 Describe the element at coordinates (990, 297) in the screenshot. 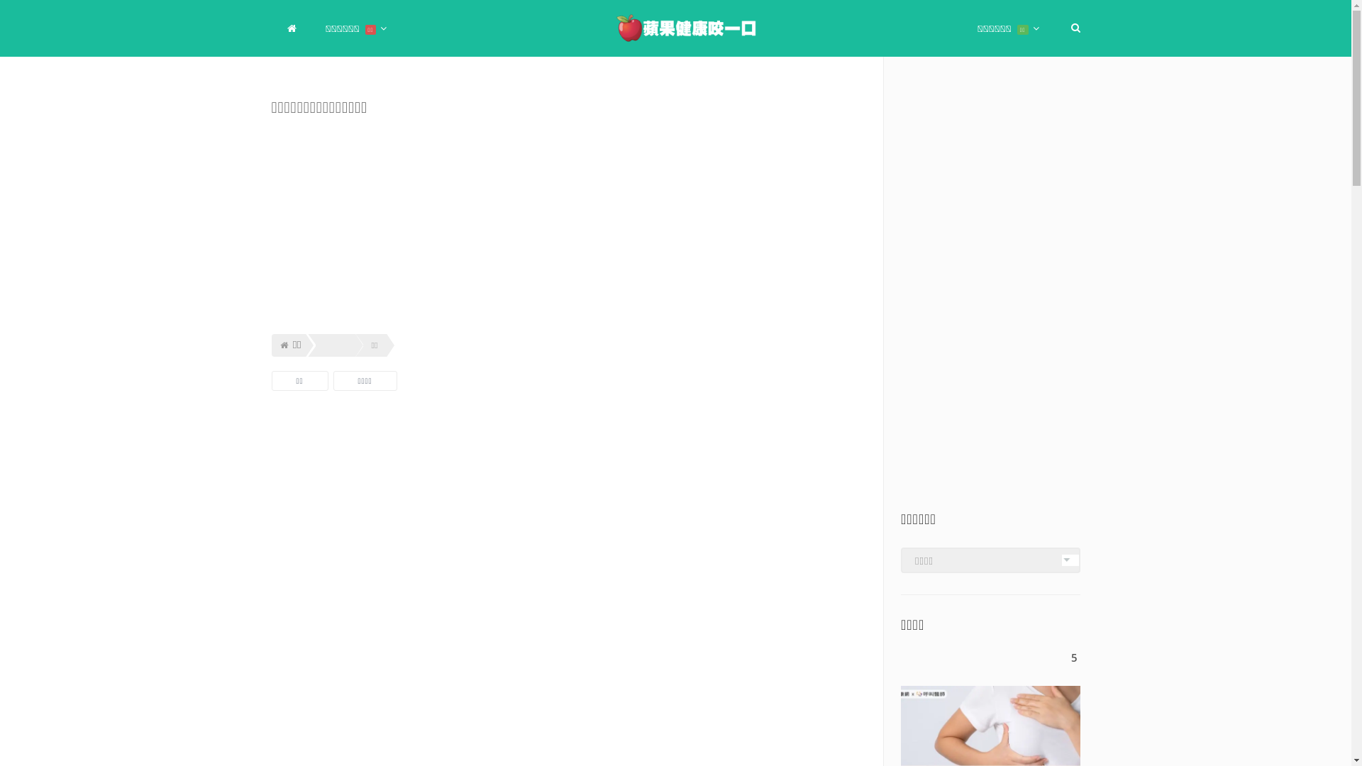

I see `'Advertisement'` at that location.